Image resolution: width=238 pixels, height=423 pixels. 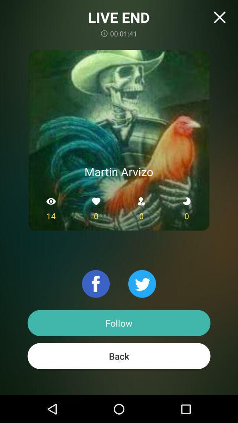 I want to click on the twitter icon, so click(x=142, y=283).